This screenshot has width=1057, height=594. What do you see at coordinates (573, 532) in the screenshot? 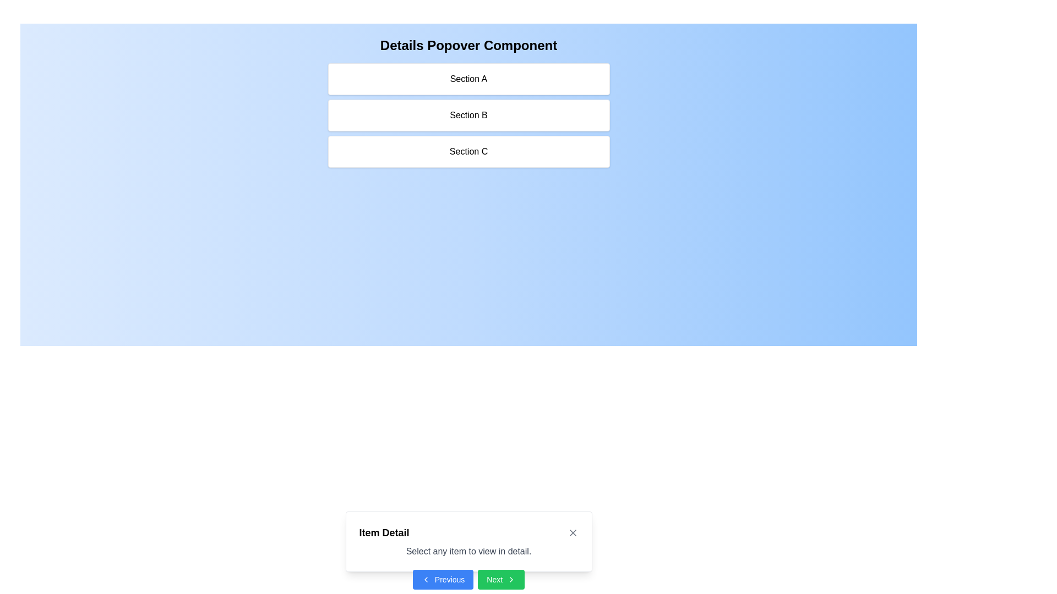
I see `the close button located in the top-right corner of the 'Item Detail' panel to change its color` at bounding box center [573, 532].